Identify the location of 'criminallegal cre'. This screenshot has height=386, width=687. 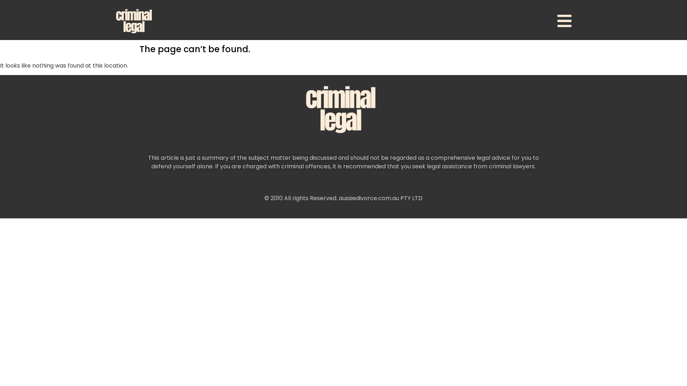
(135, 20).